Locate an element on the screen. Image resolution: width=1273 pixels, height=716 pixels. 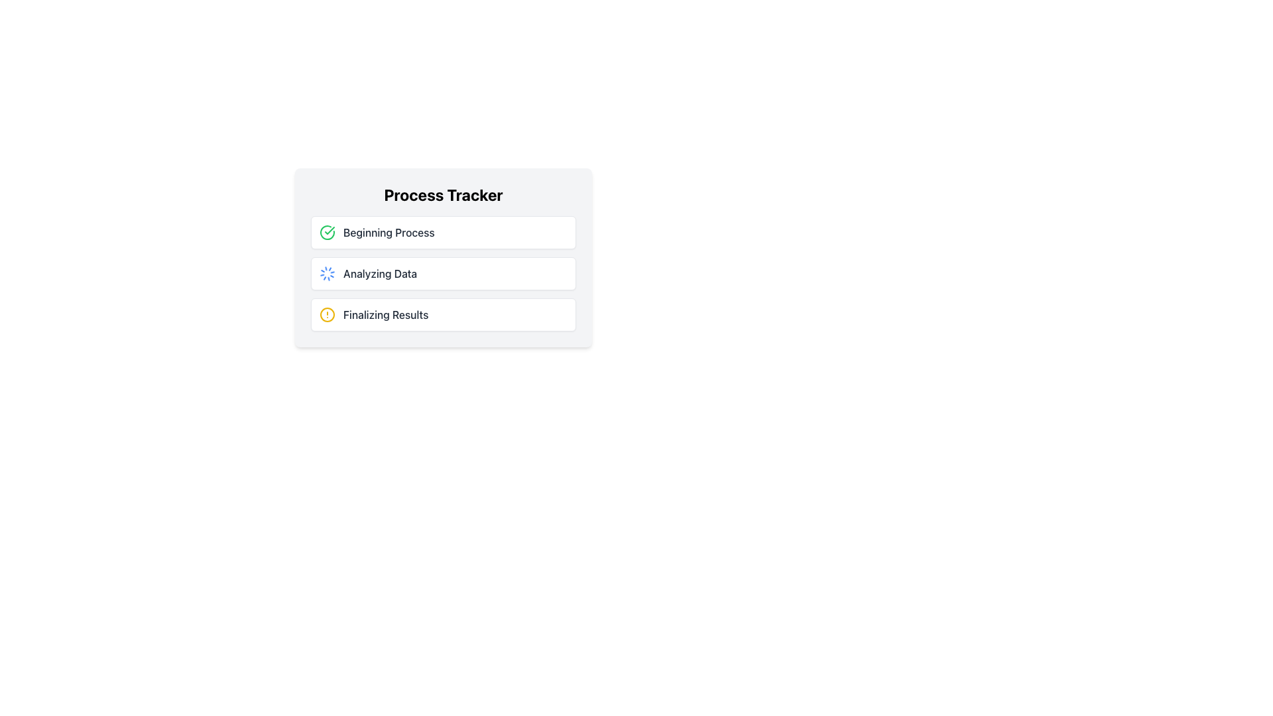
the status of the caution icon positioned to the left of the 'Finalizing Results' text in the third row of the vertical list under the 'Process Tracker' header is located at coordinates (328, 314).